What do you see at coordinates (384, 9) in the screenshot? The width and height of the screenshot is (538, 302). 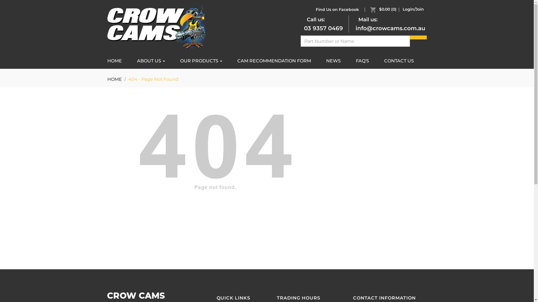 I see `'$0.00 (0)'` at bounding box center [384, 9].